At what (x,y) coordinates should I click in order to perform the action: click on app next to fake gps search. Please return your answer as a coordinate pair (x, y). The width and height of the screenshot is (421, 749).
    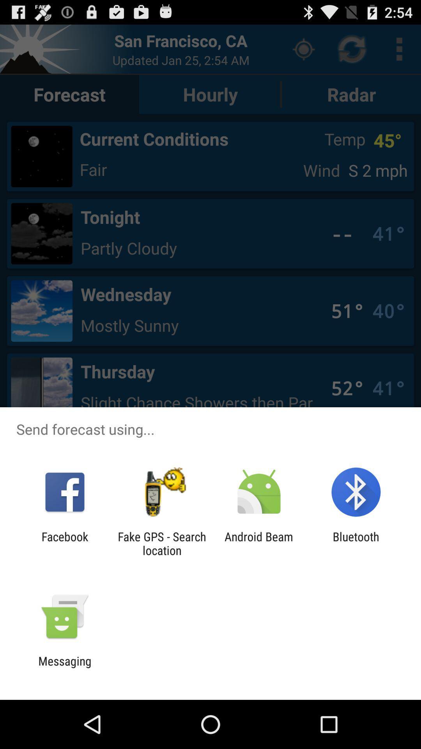
    Looking at the image, I should click on (259, 543).